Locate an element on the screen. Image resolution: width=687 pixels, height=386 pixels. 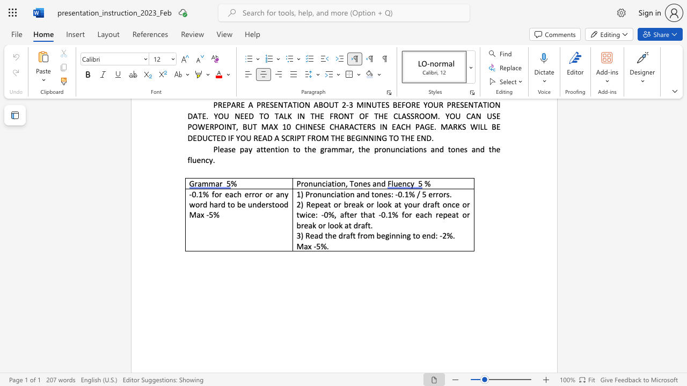
the subset text "ad the draft from begin" within the text "3) Read the draft from beginning to end: -2%." is located at coordinates (313, 235).